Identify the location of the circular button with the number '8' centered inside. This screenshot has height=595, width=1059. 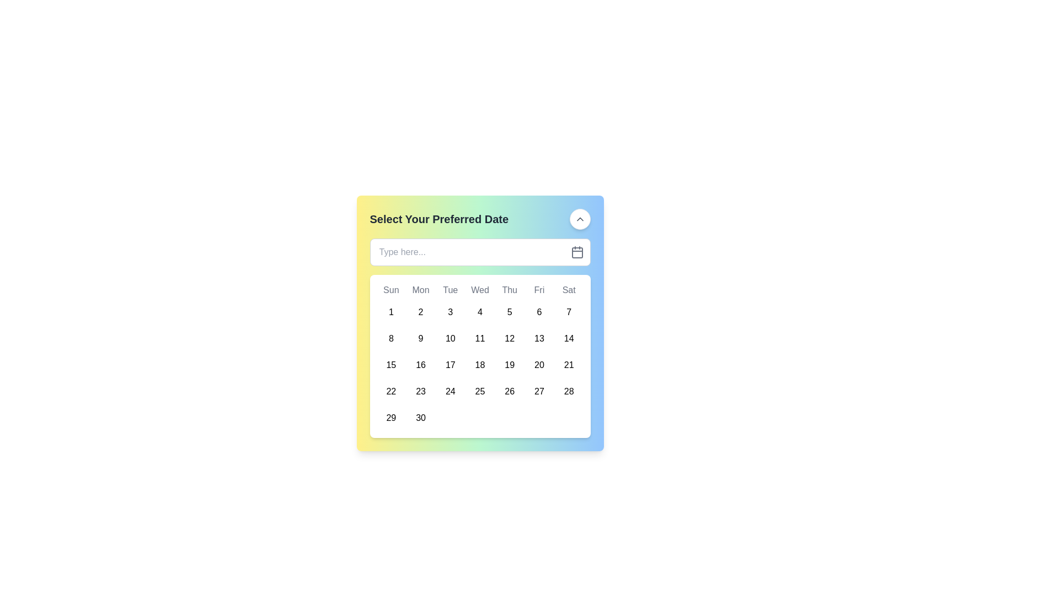
(391, 338).